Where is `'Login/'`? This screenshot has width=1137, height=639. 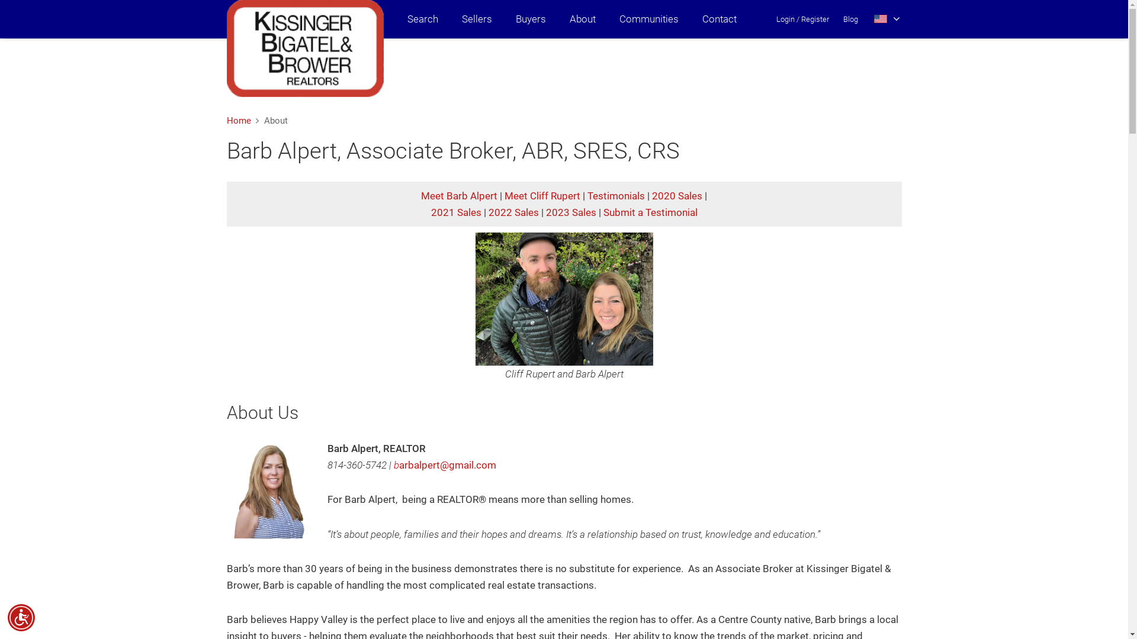
'Login/' is located at coordinates (788, 19).